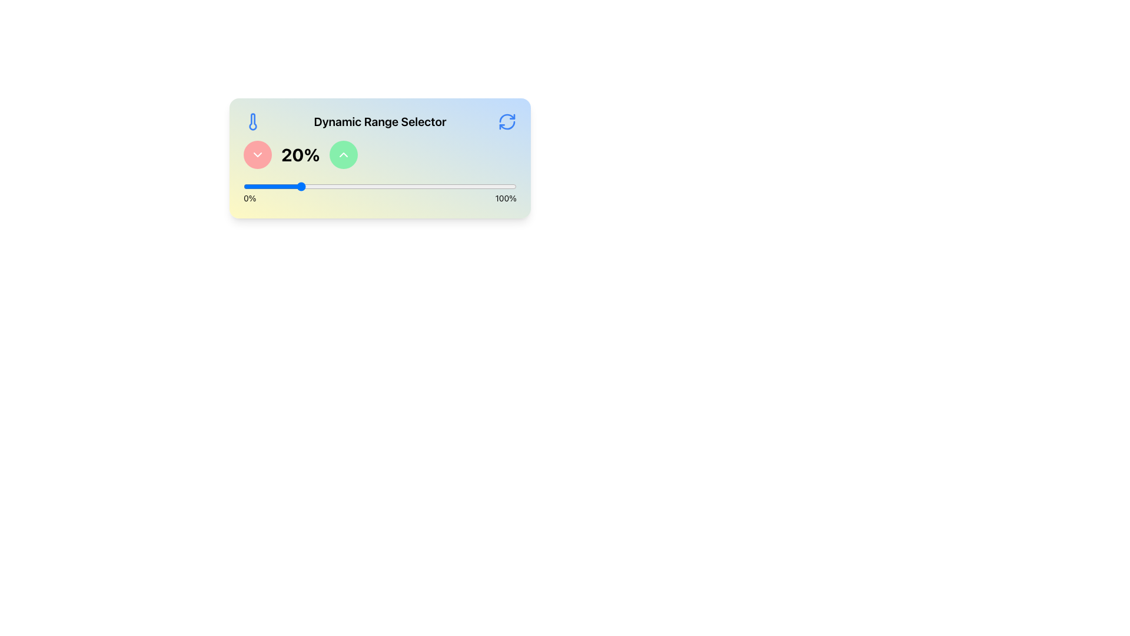 The height and width of the screenshot is (636, 1130). Describe the element at coordinates (257, 154) in the screenshot. I see `the downward-pointing chevron icon within the circular button with a reddish background` at that location.